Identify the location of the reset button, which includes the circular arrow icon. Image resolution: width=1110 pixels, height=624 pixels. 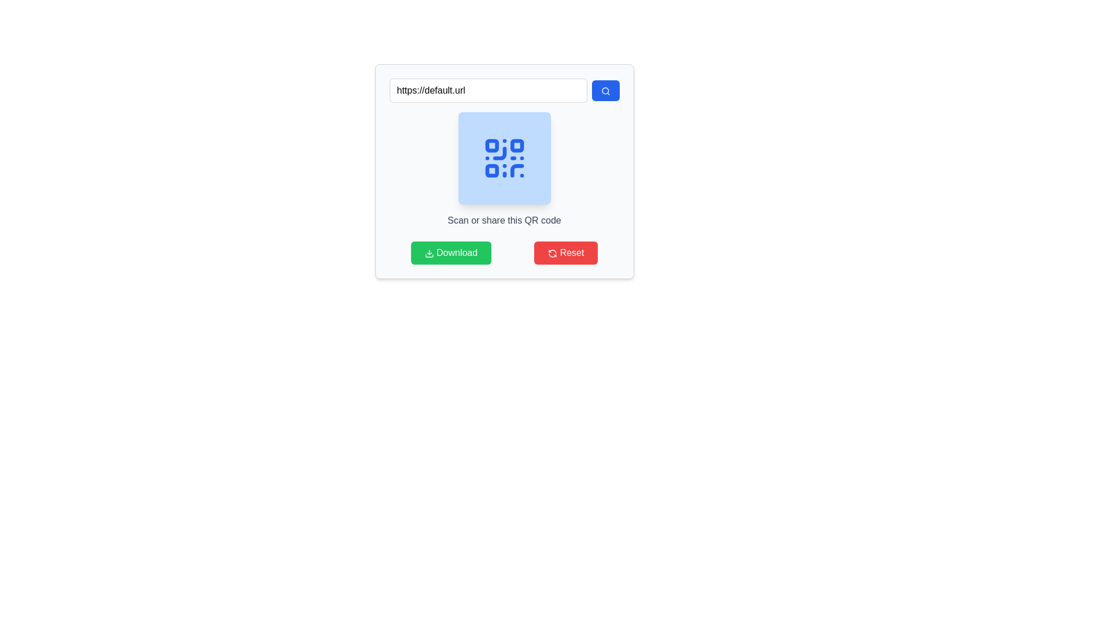
(552, 252).